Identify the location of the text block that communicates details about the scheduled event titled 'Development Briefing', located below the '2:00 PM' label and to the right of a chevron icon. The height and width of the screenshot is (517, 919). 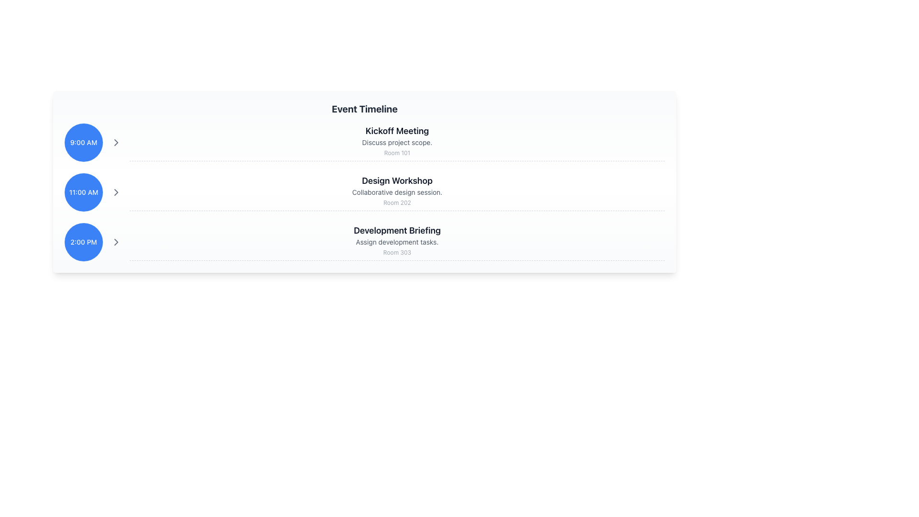
(397, 241).